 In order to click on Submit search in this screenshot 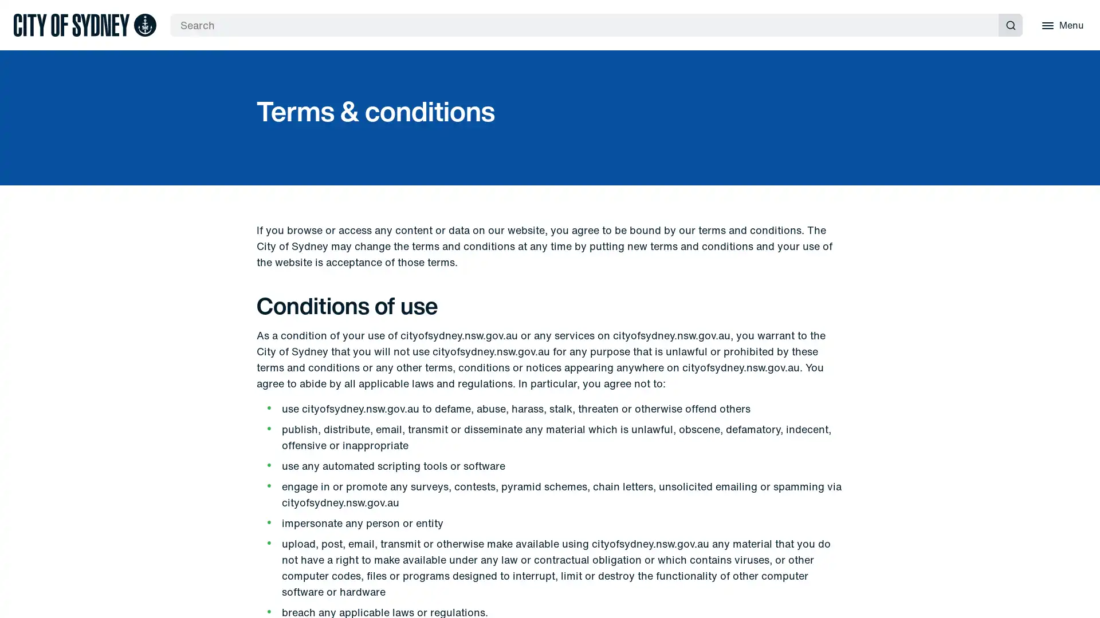, I will do `click(1010, 25)`.